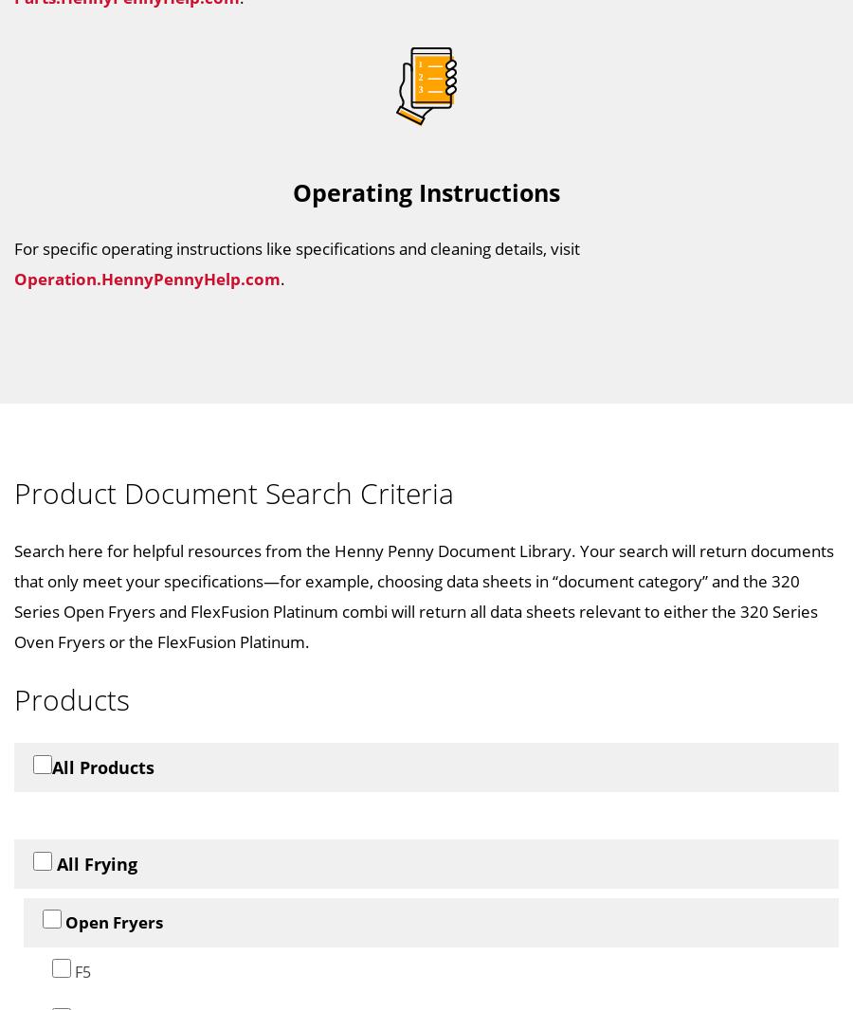 This screenshot has width=853, height=1010. I want to click on 'Products', so click(70, 697).